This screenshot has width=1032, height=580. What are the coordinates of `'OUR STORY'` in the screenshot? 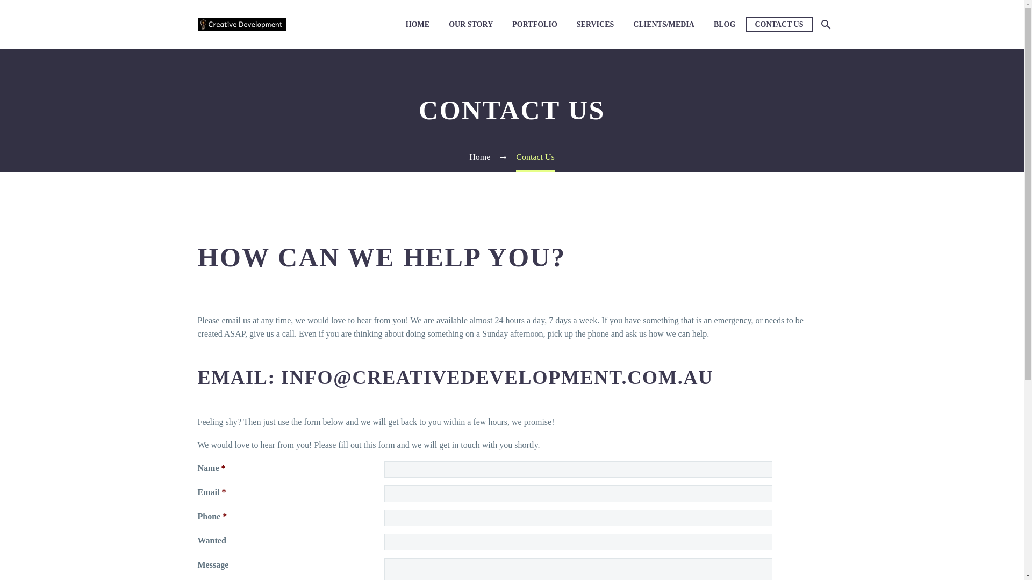 It's located at (470, 24).